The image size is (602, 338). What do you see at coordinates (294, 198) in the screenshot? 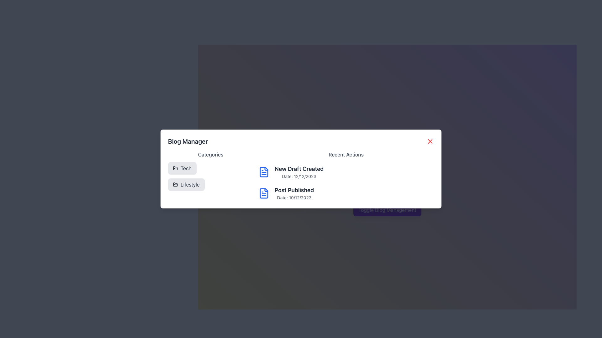
I see `the static text label displaying 'Date: 10/12/2023', which is positioned below the title 'Post Published' and aligned with it` at bounding box center [294, 198].